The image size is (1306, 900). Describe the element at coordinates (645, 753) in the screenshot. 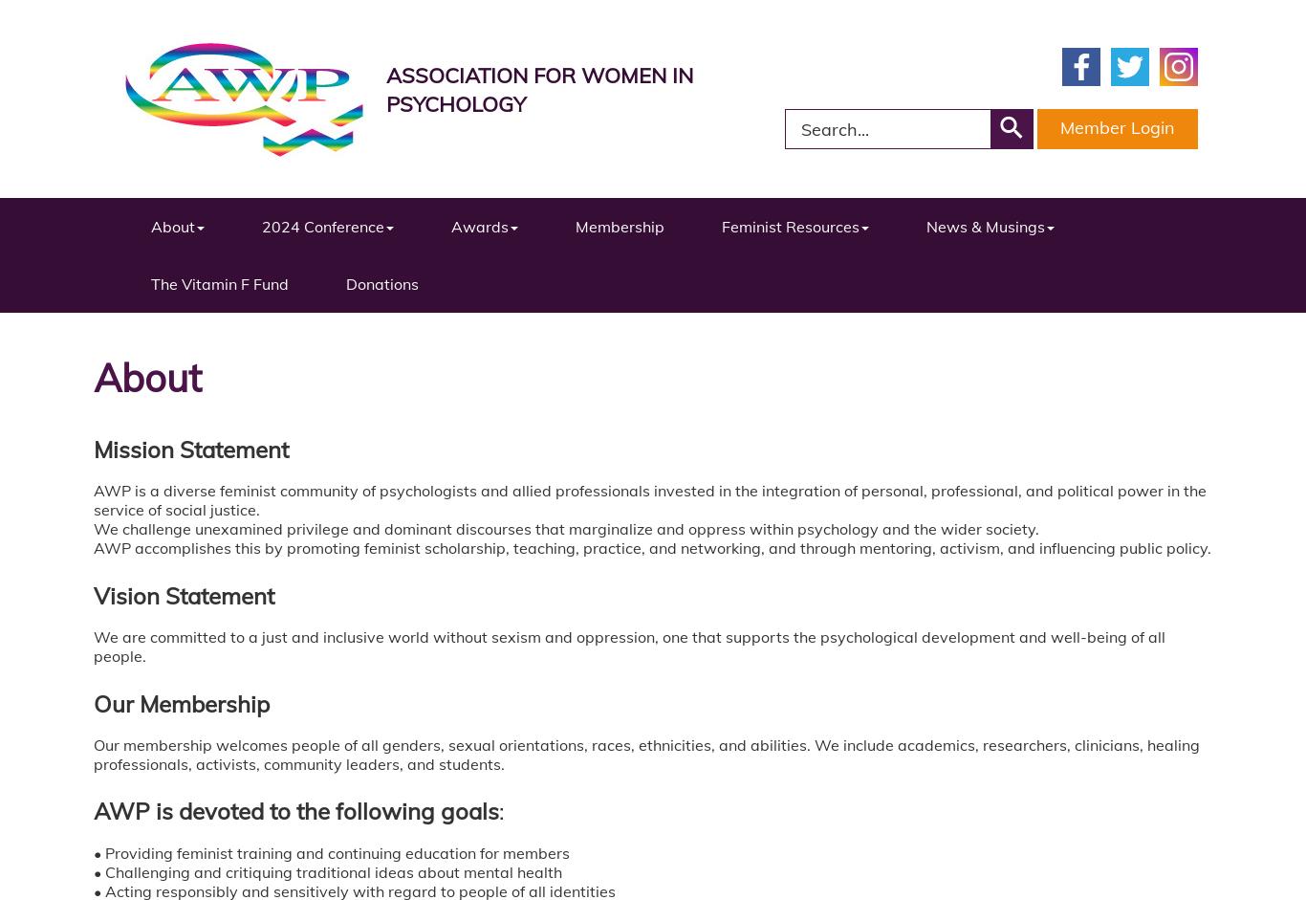

I see `'Our membership welcomes people of all genders, sexual orientations, races, ethnicities, and abilities. We include academics, researchers, clinicians, healing professionals, activists, community leaders, and students.'` at that location.